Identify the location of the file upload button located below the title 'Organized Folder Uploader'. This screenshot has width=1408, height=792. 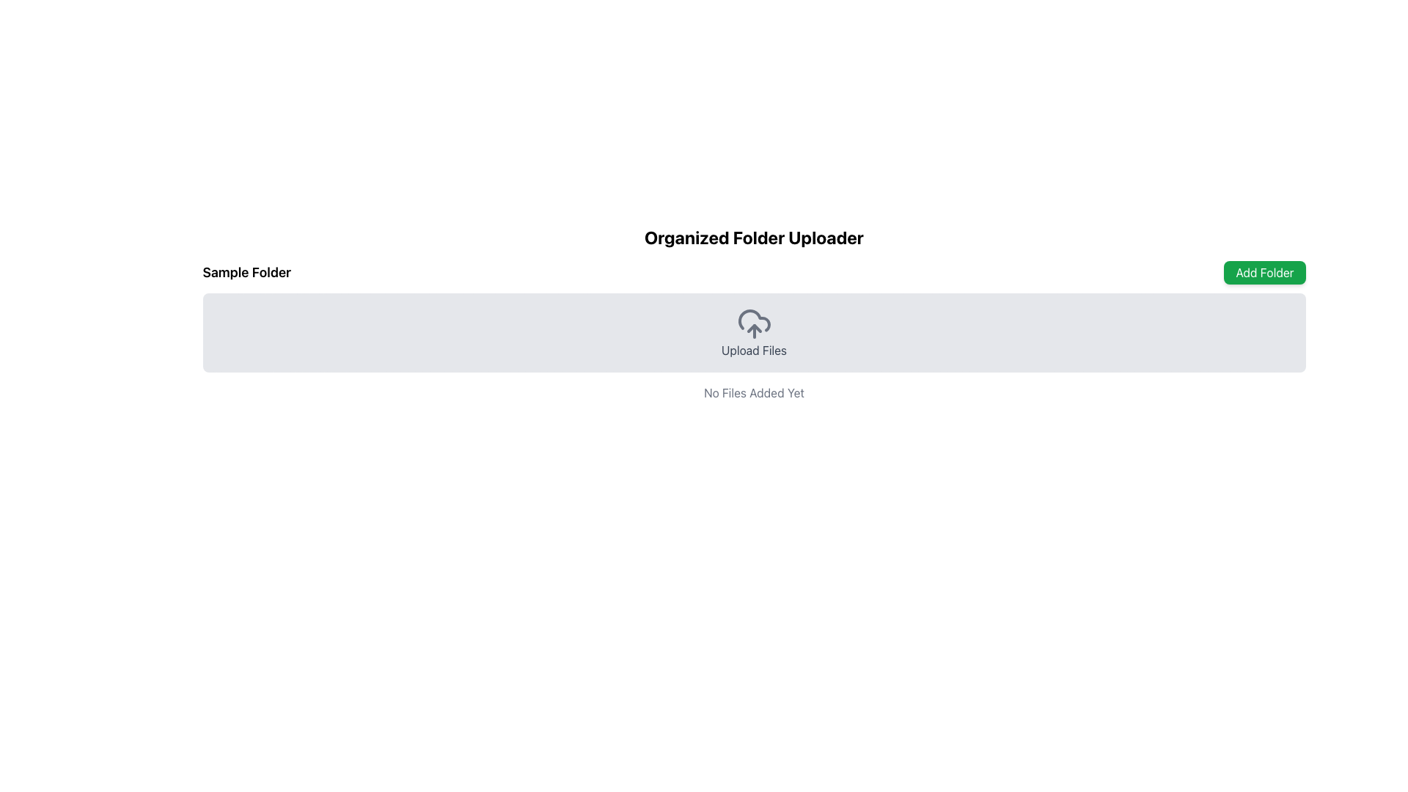
(754, 333).